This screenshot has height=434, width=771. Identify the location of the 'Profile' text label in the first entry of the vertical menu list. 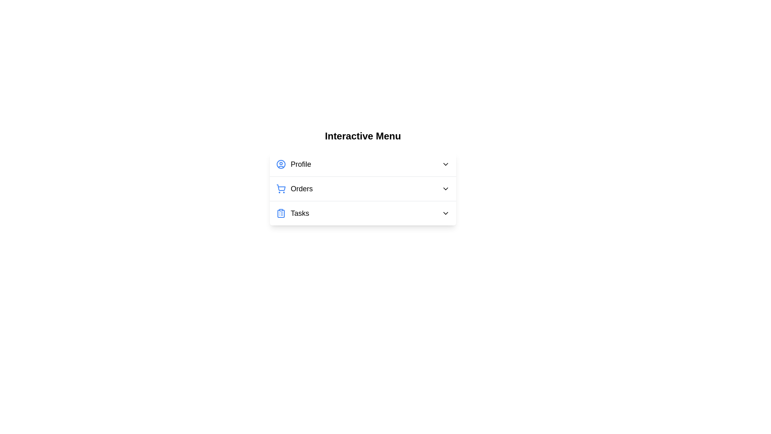
(300, 164).